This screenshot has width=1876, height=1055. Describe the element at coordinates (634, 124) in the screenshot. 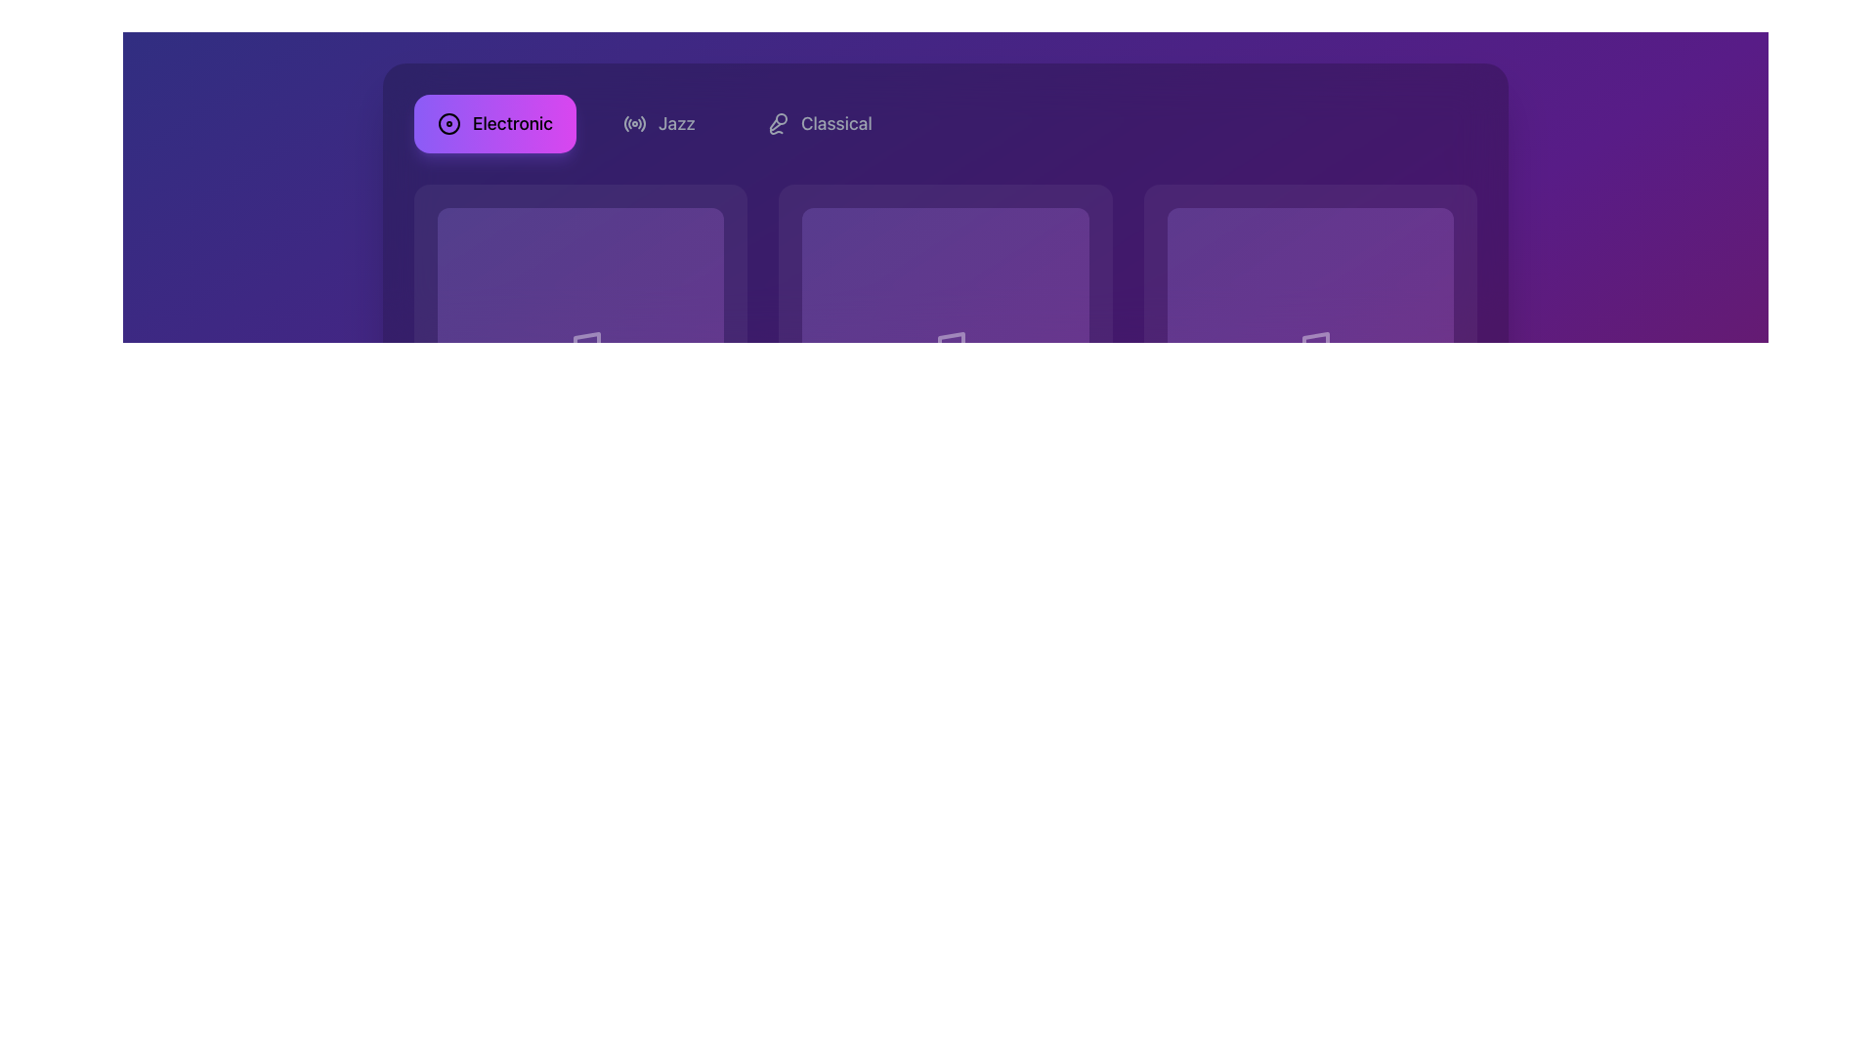

I see `the button labeled 'Jazz' by clicking on the circular icon resembling a radio within it` at that location.